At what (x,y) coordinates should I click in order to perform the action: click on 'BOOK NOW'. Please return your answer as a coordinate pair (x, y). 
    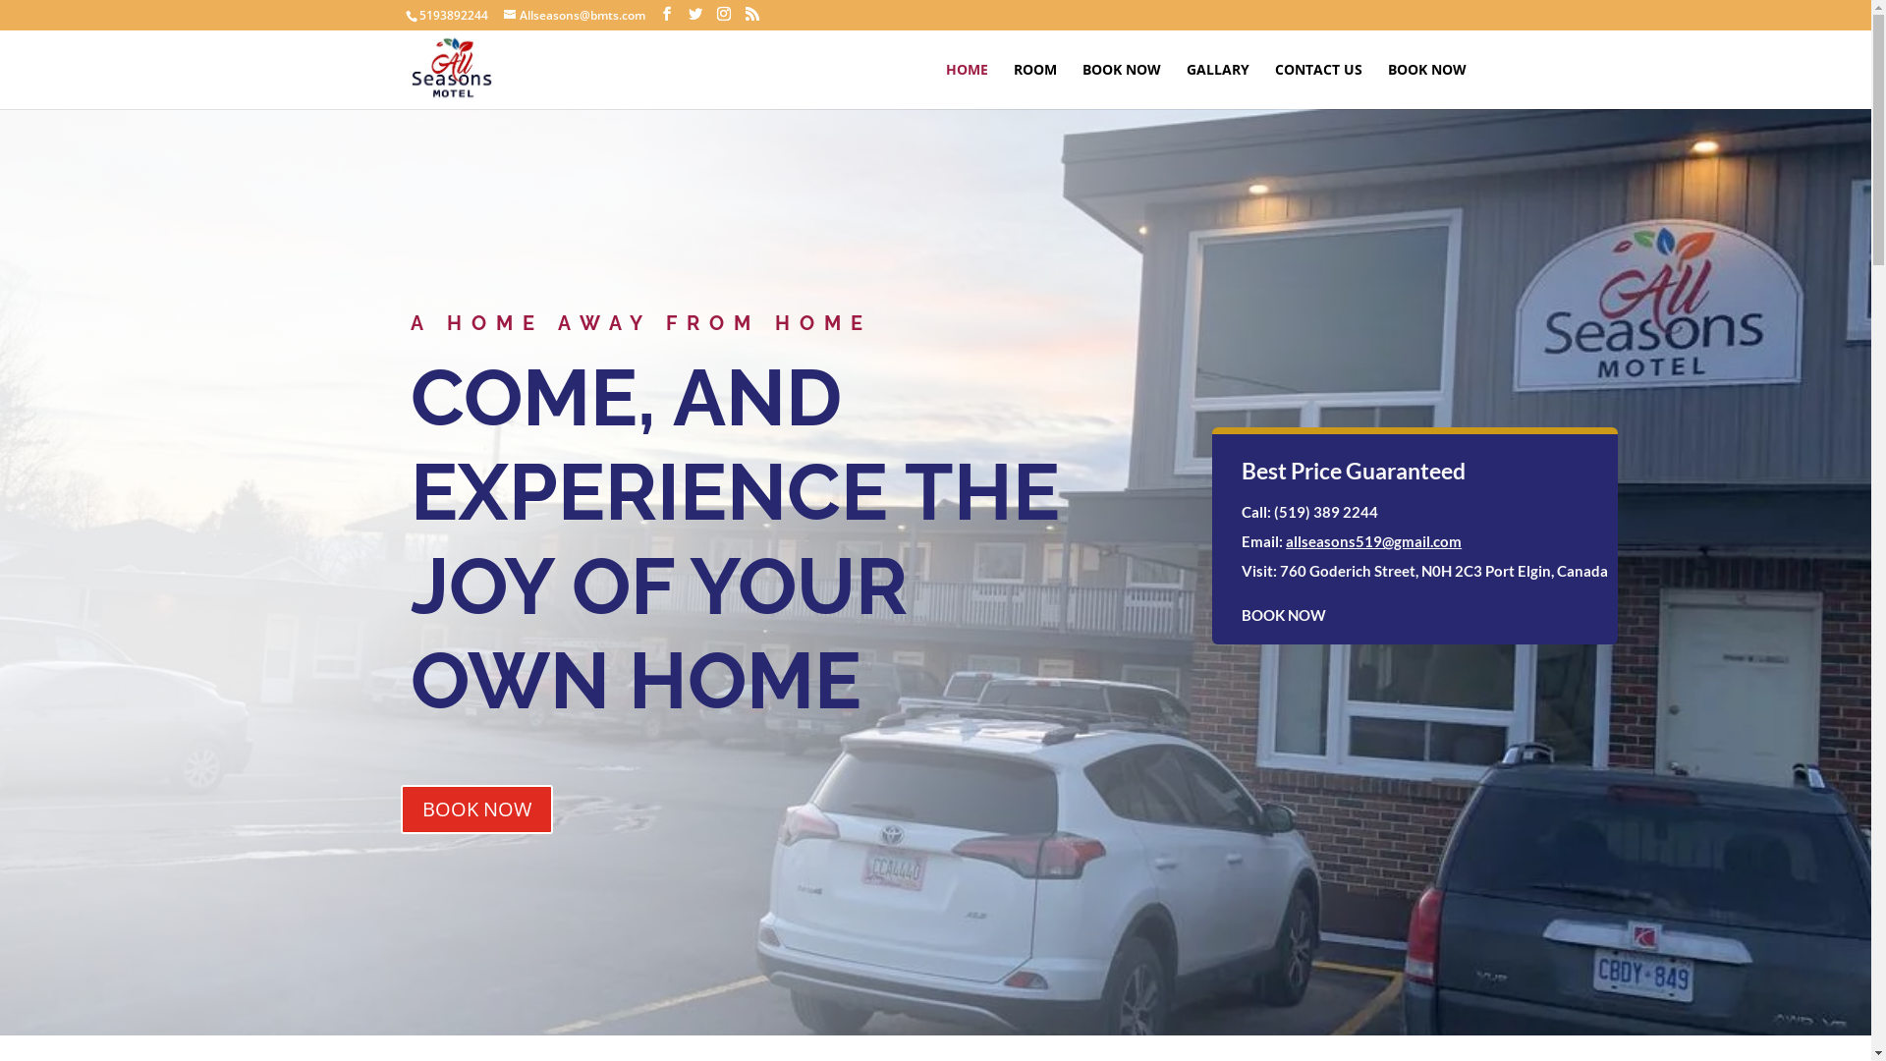
    Looking at the image, I should click on (1122, 84).